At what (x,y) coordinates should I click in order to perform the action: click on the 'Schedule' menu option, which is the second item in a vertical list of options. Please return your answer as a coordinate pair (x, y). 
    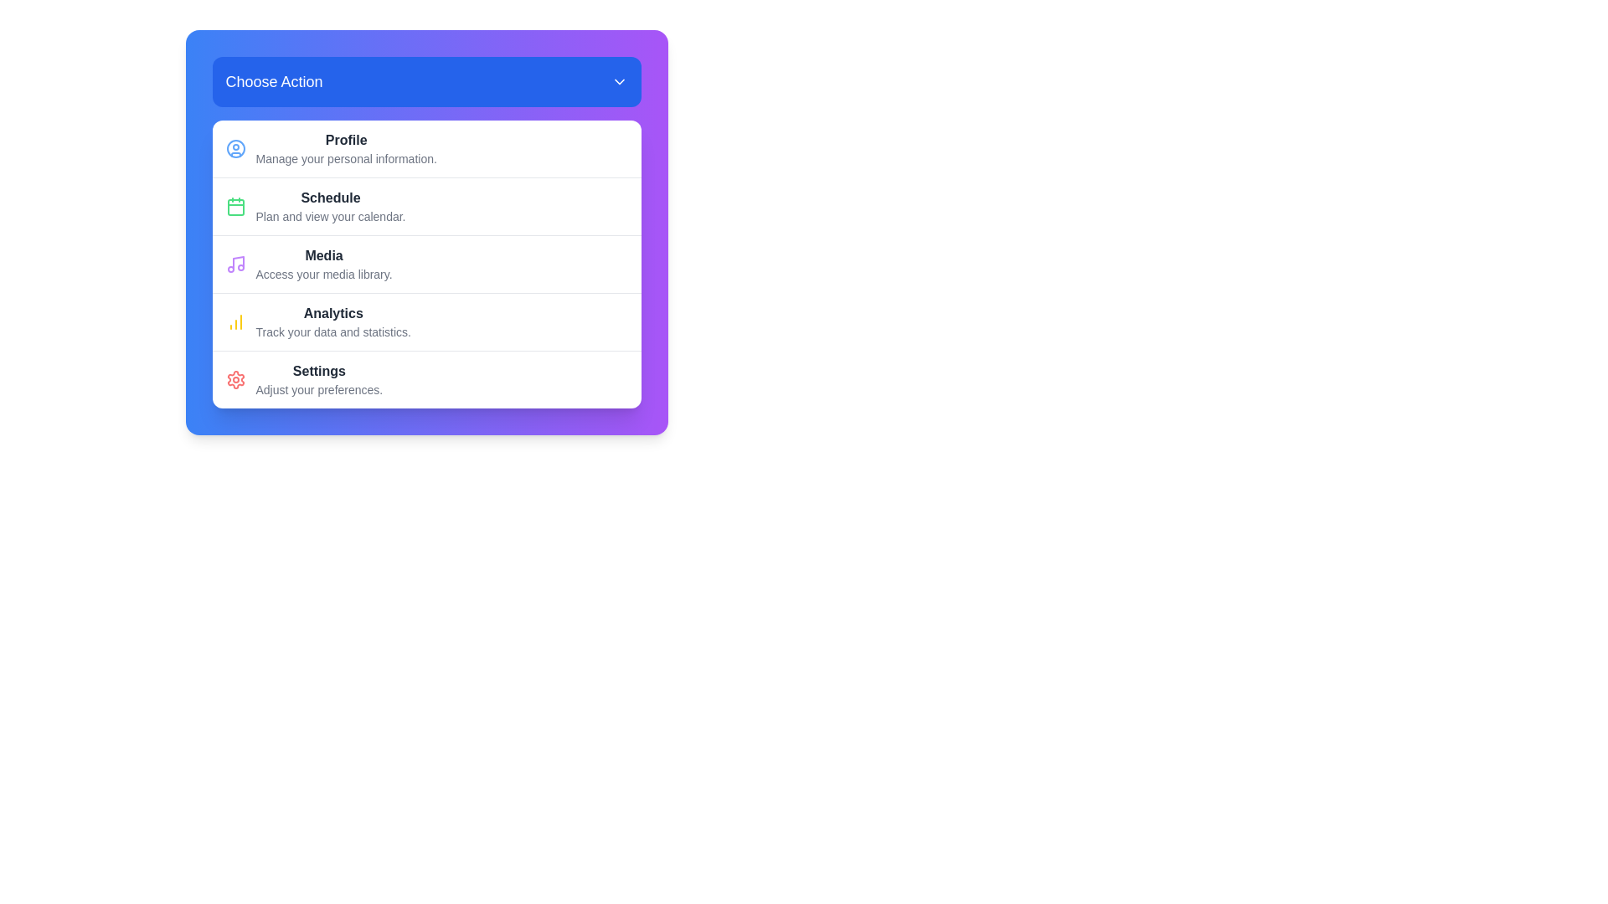
    Looking at the image, I should click on (330, 205).